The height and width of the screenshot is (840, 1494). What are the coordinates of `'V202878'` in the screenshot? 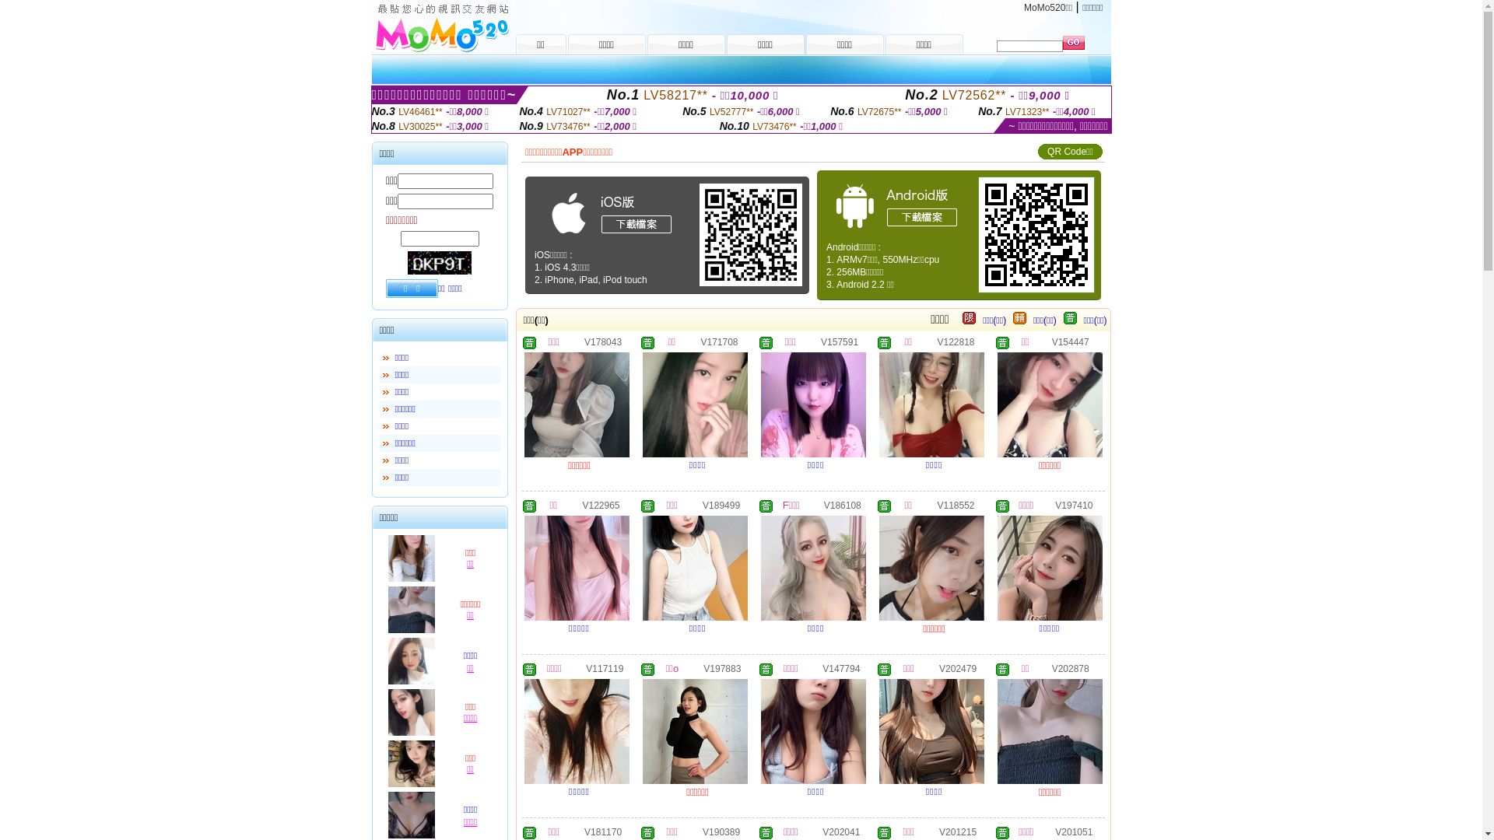 It's located at (1070, 667).